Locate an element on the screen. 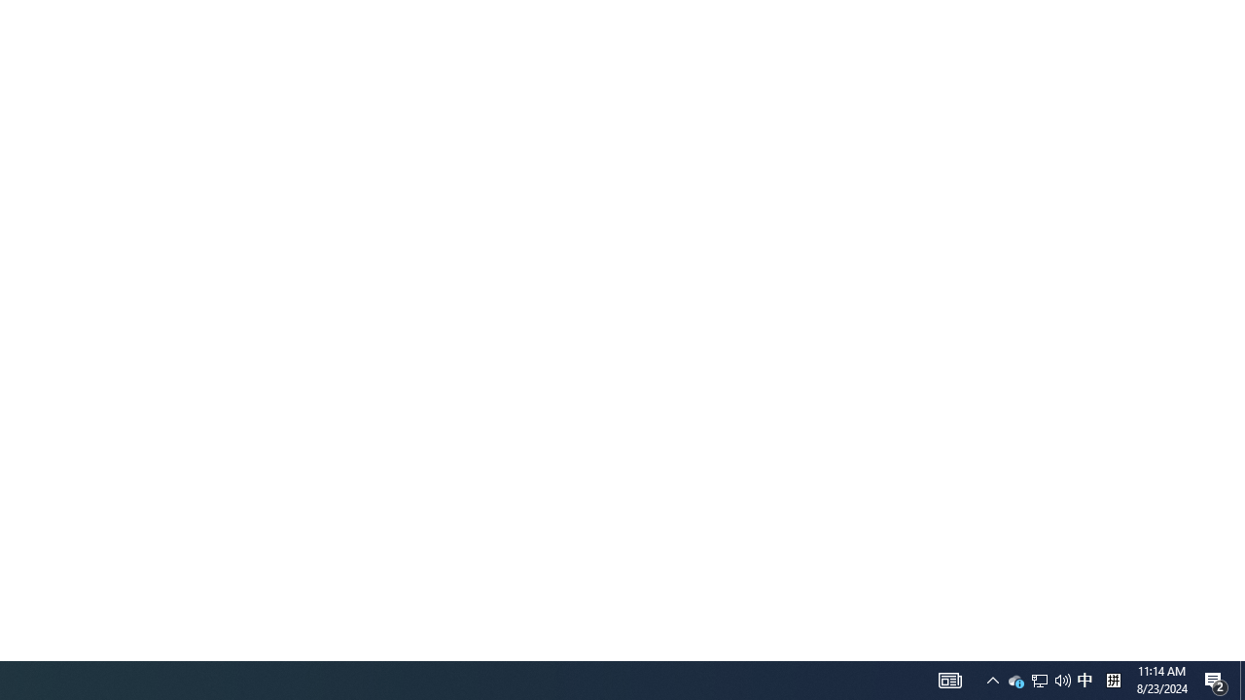  'Show desktop' is located at coordinates (1241, 679).